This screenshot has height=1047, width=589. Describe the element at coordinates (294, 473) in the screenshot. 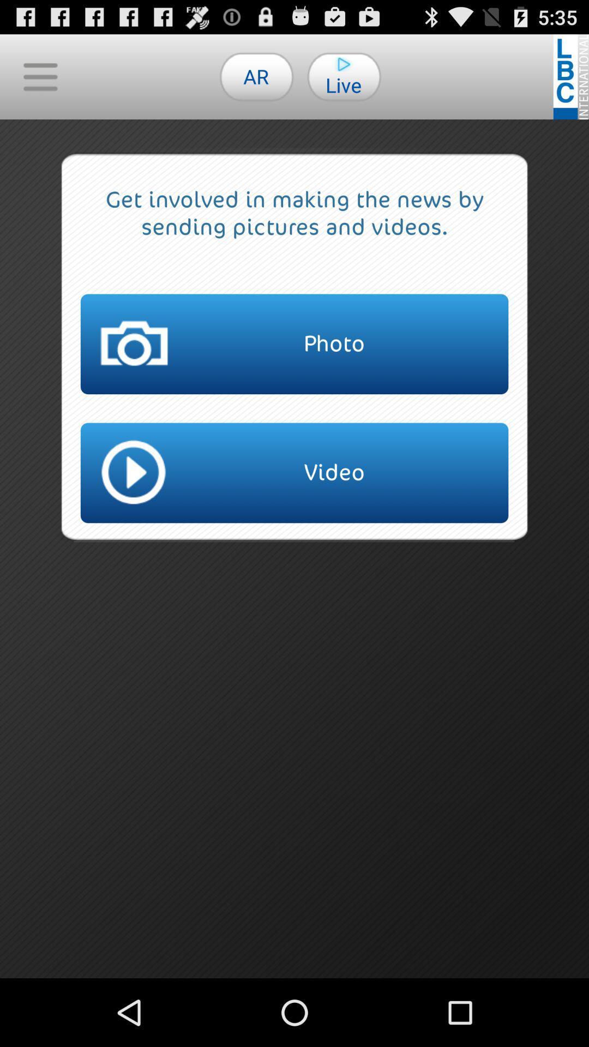

I see `icon below the photo item` at that location.